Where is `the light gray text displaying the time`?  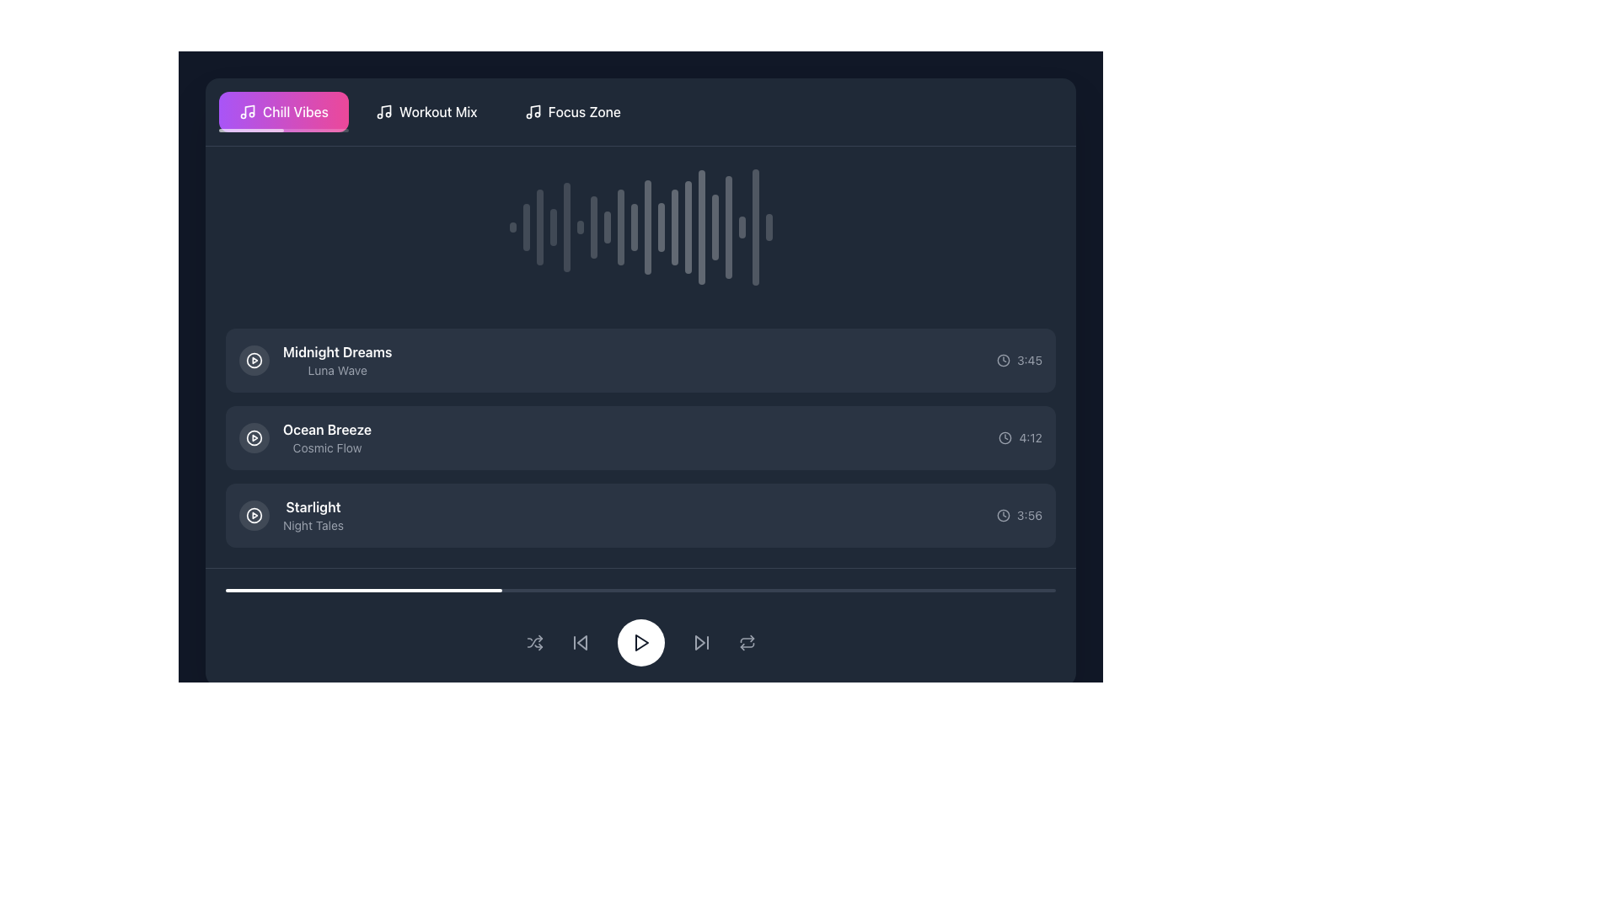 the light gray text displaying the time is located at coordinates (1018, 360).